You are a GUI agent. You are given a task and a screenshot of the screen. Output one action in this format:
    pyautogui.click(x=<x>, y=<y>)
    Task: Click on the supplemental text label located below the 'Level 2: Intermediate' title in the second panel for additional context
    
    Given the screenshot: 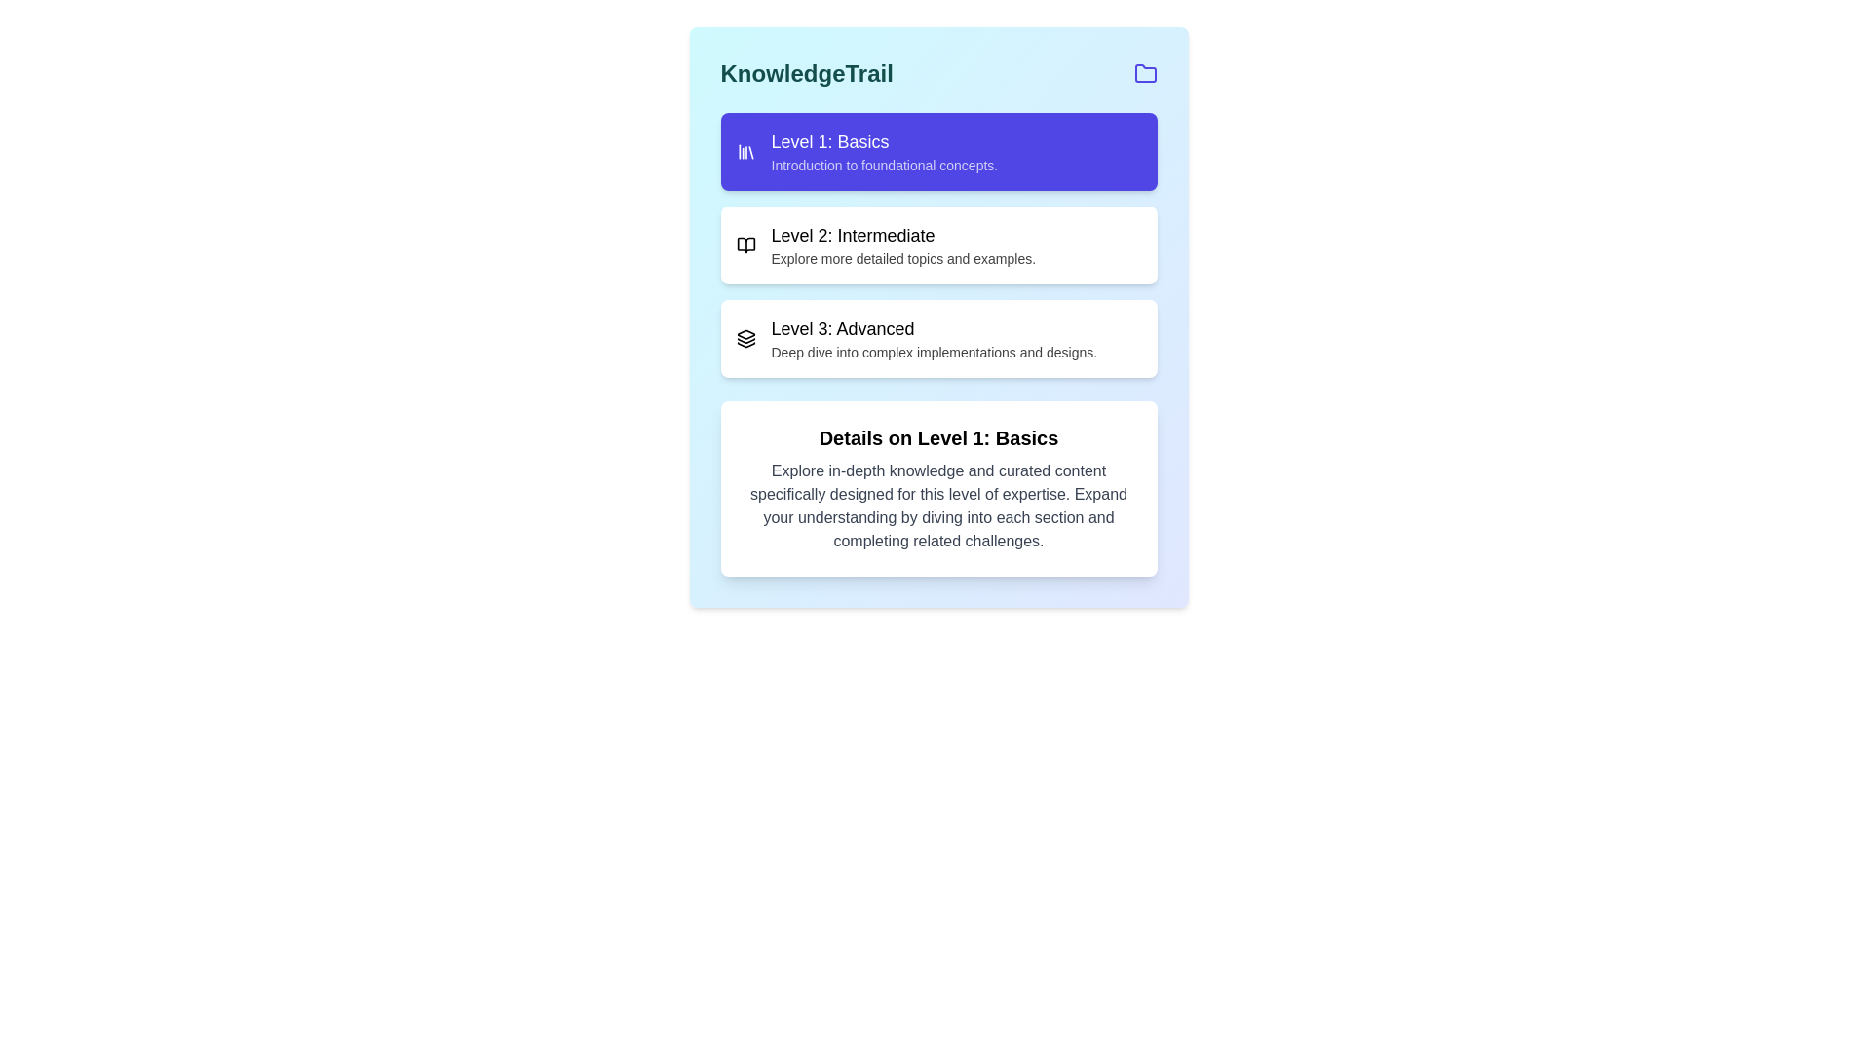 What is the action you would take?
    pyautogui.click(x=902, y=258)
    